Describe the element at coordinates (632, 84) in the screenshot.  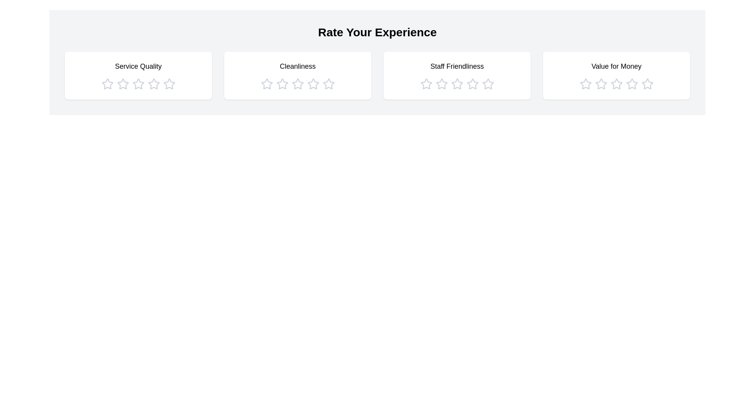
I see `the star icon corresponding to 4 stars in the category Value for Money` at that location.